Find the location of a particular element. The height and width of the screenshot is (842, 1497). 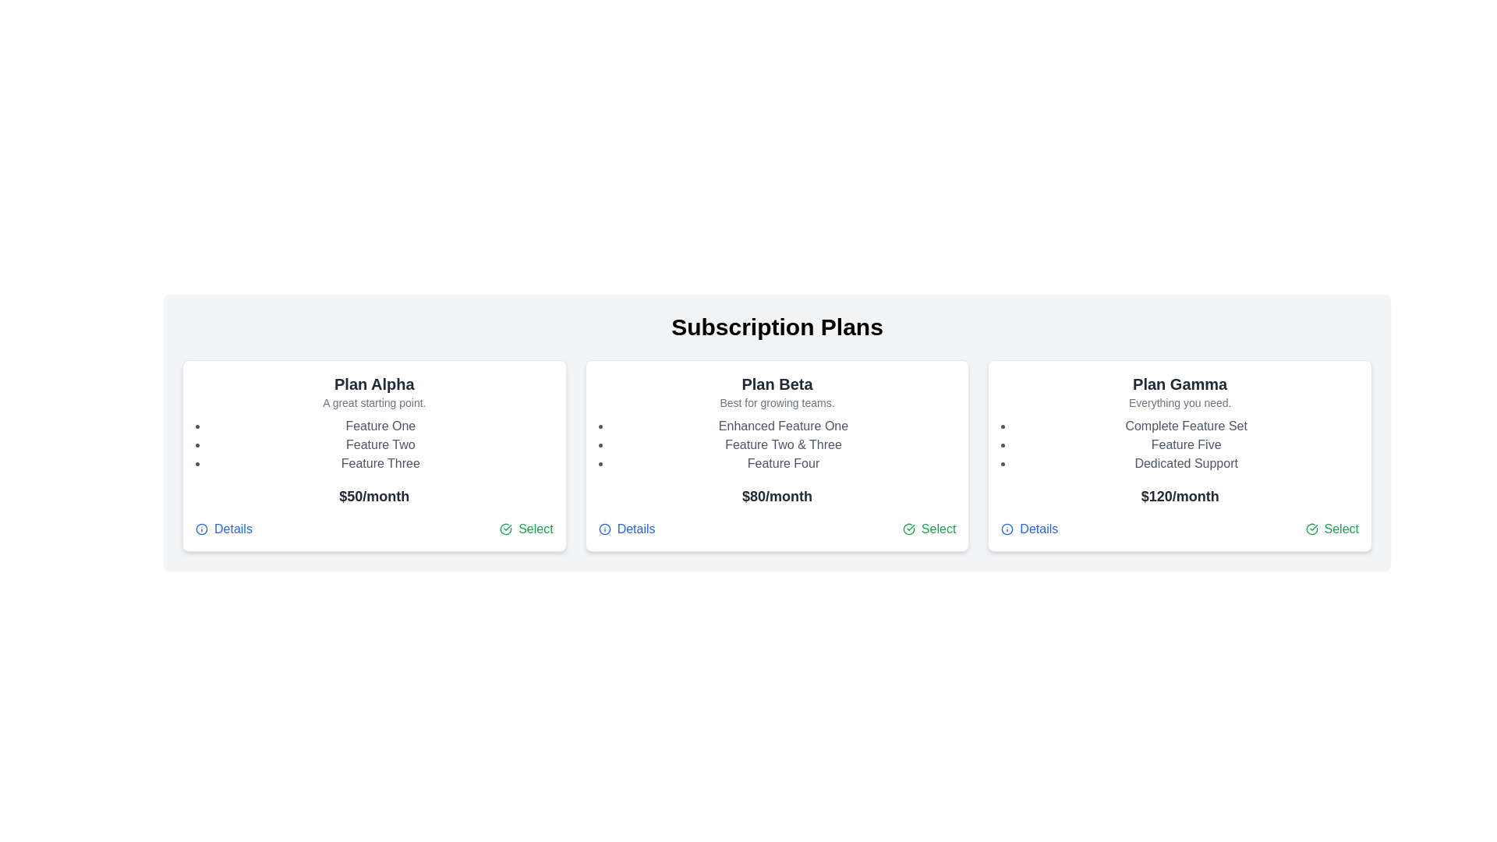

the SVG Circle icon located to the left of the 'Details' link under the 'Plan Alpha' subscription card in the first column of the subscription plans section is located at coordinates (201, 528).